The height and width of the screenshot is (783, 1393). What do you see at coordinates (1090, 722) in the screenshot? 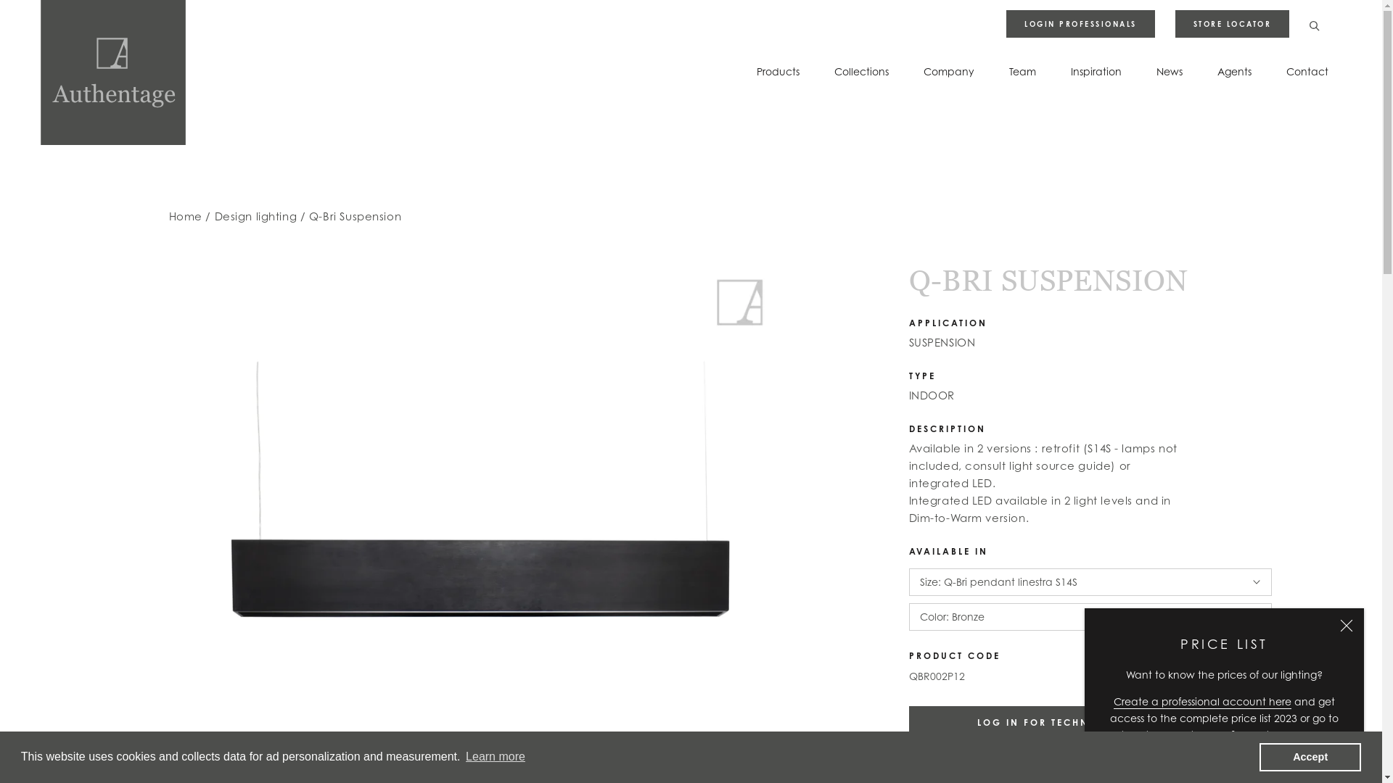
I see `'LOG IN FOR TECHNICAL INFORMATION'` at bounding box center [1090, 722].